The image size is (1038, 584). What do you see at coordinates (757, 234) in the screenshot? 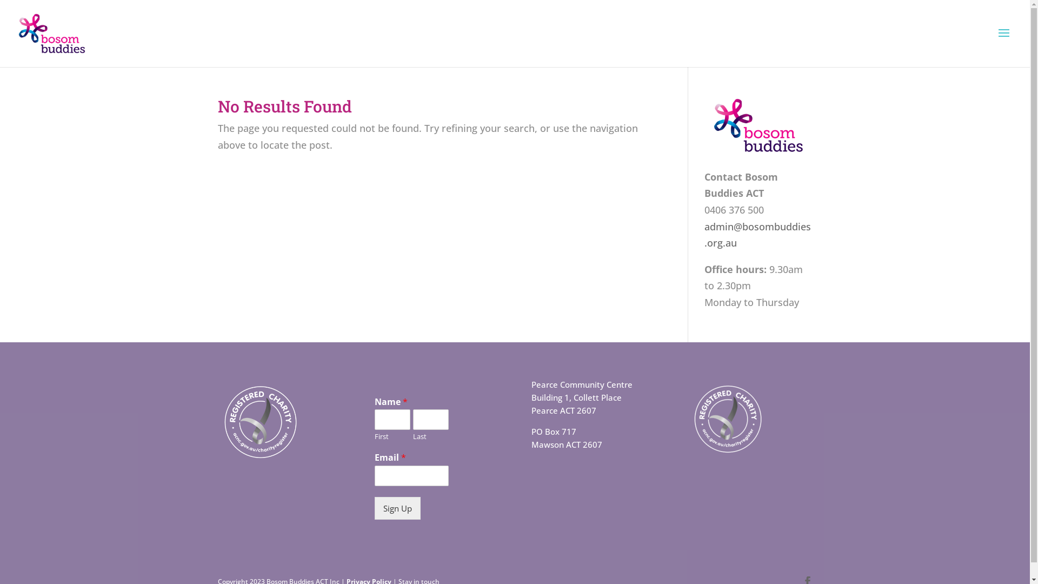
I see `'admin@bosombuddies.org.au'` at bounding box center [757, 234].